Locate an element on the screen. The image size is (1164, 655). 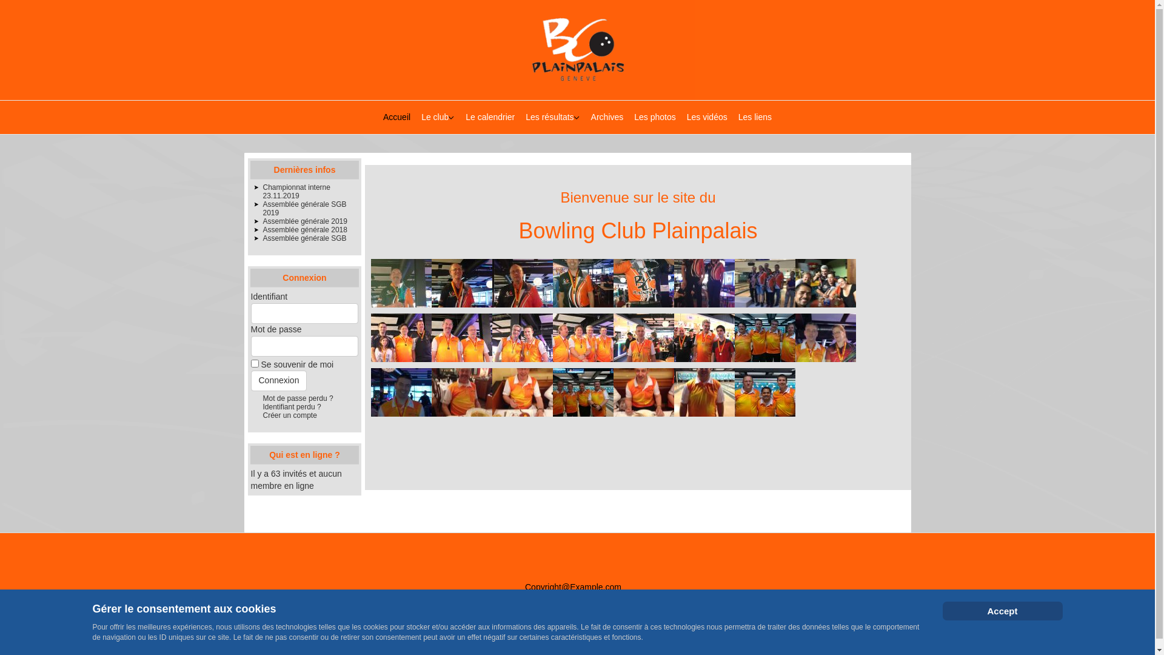
'Les photos' is located at coordinates (654, 117).